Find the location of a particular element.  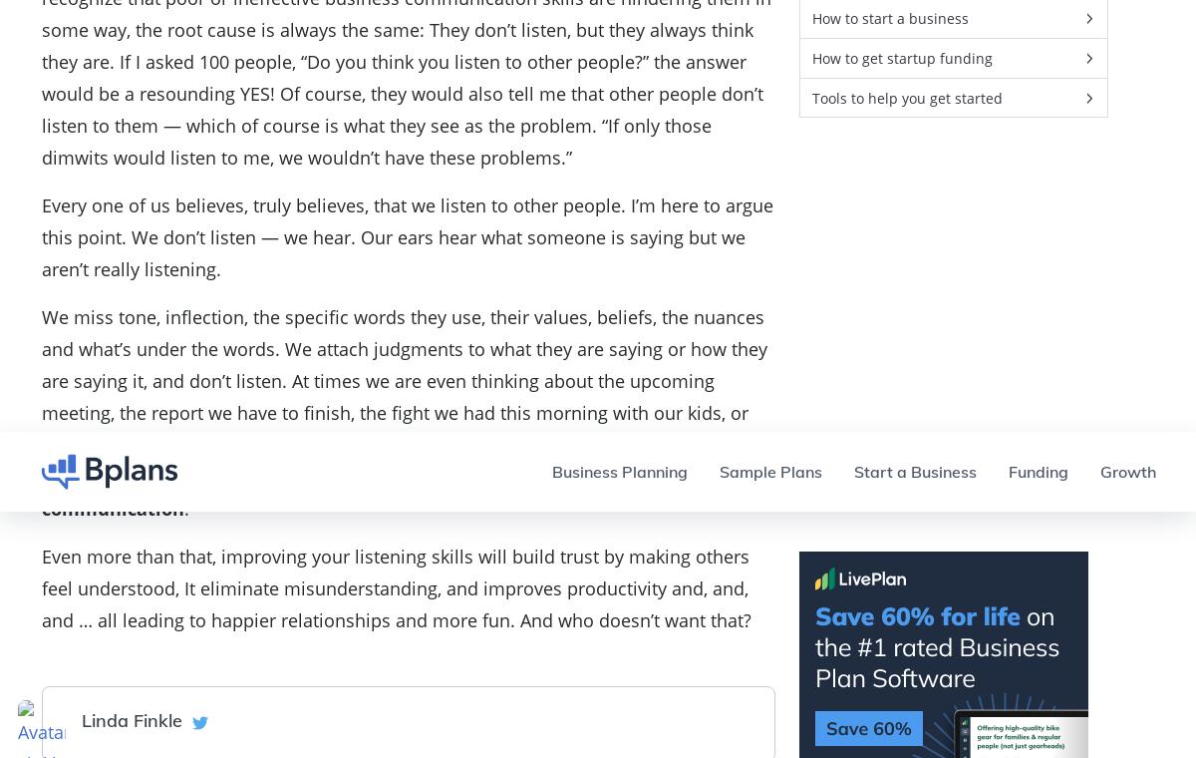

'Careers' is located at coordinates (1090, 126).